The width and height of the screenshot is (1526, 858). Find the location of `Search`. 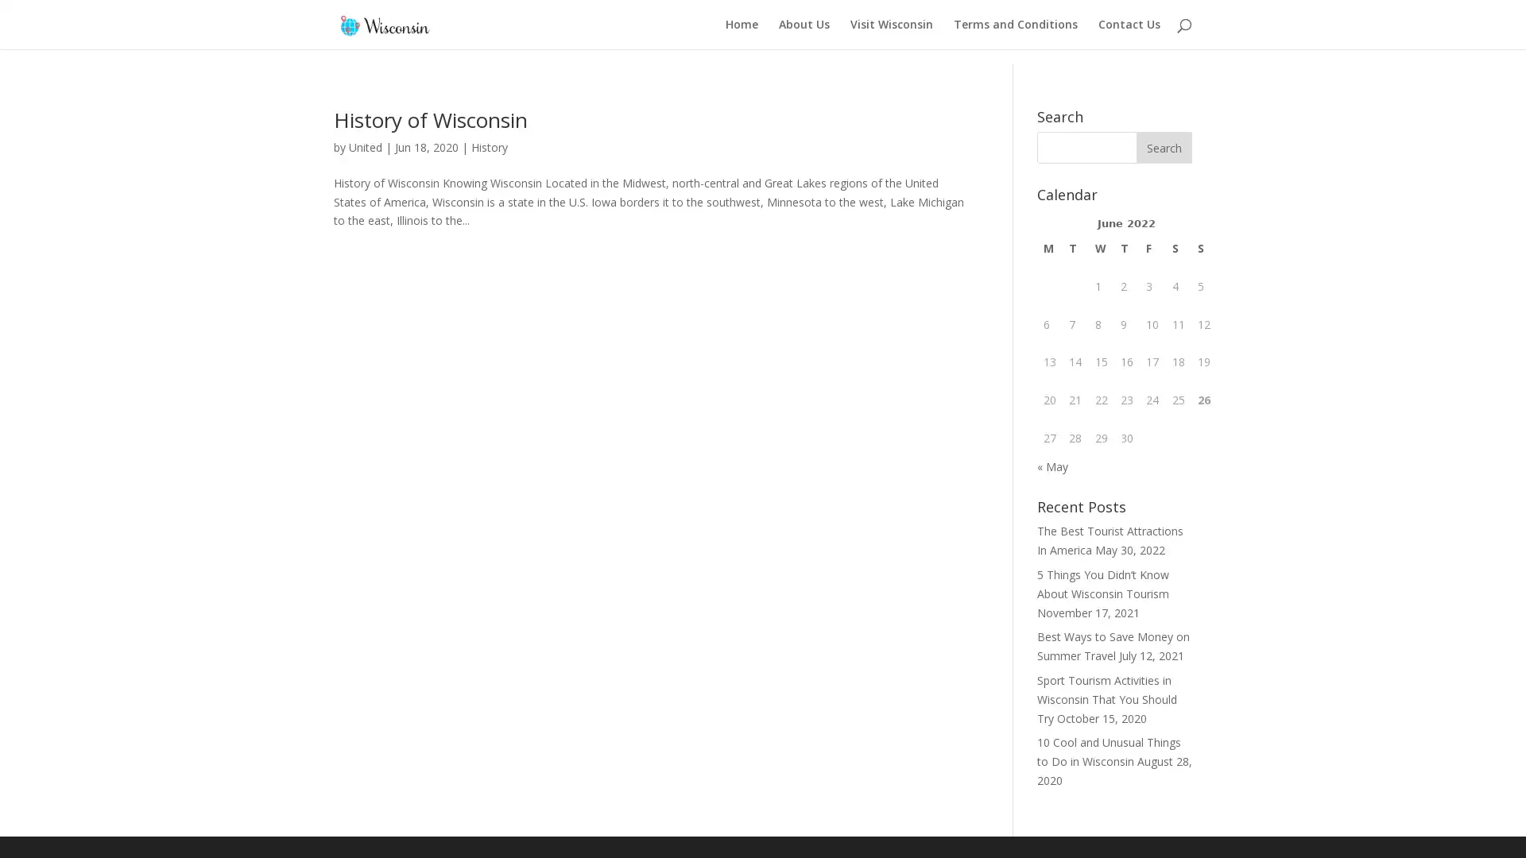

Search is located at coordinates (1164, 133).